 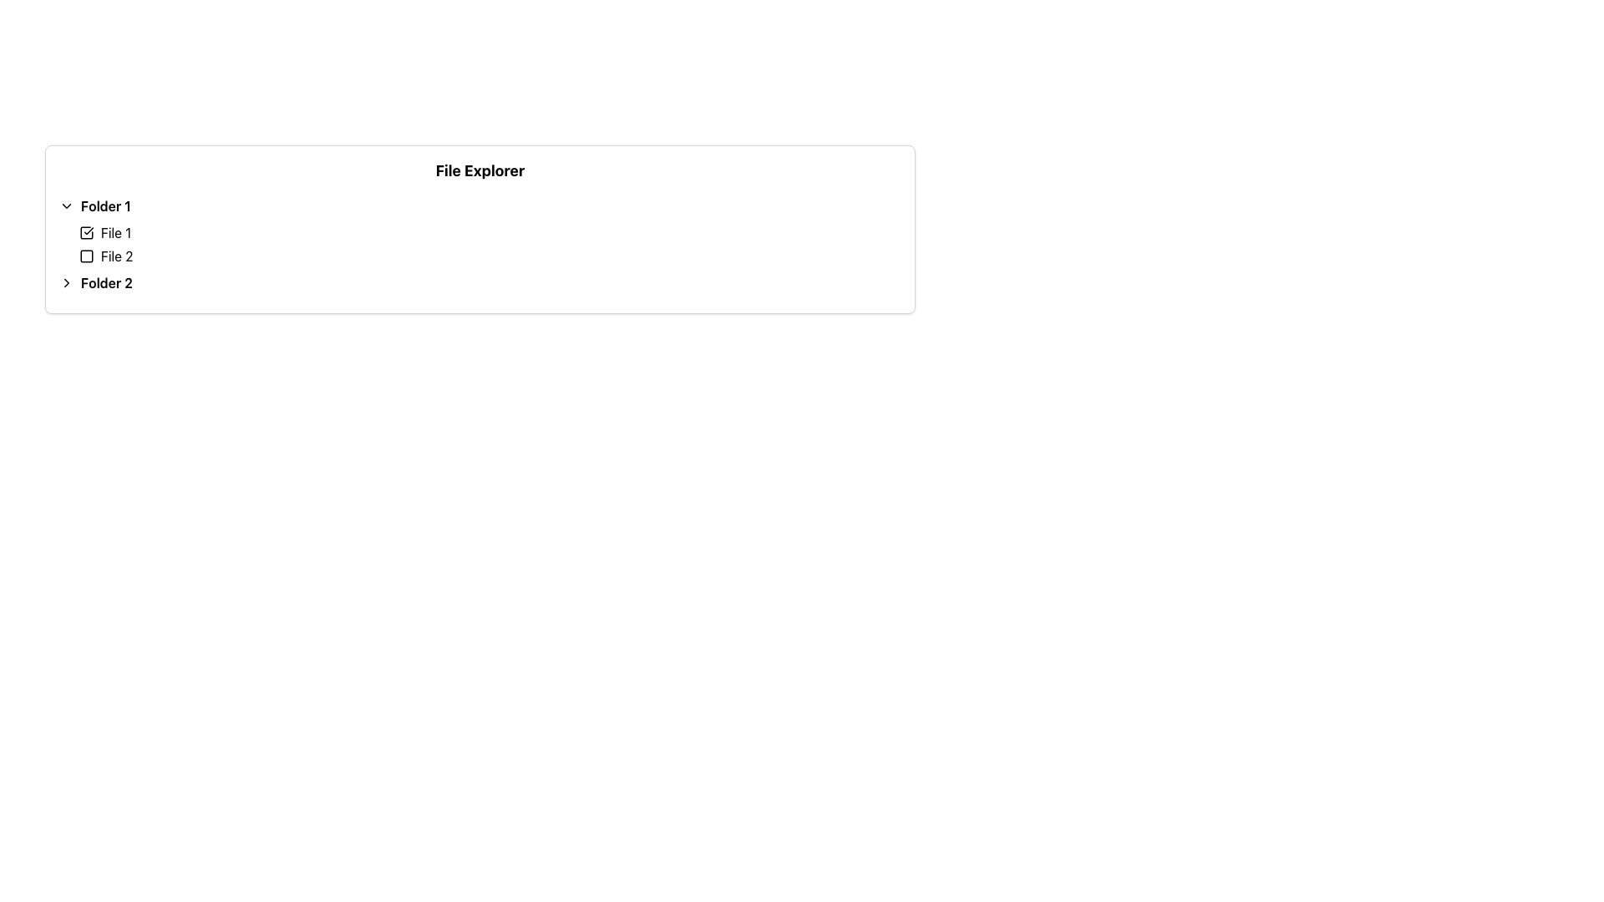 I want to click on the unselected checkbox next to the 'File 2' label in the tree-view interface, so click(x=86, y=256).